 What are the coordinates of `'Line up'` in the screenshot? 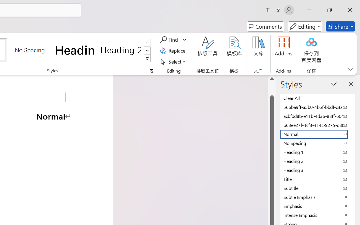 It's located at (272, 79).